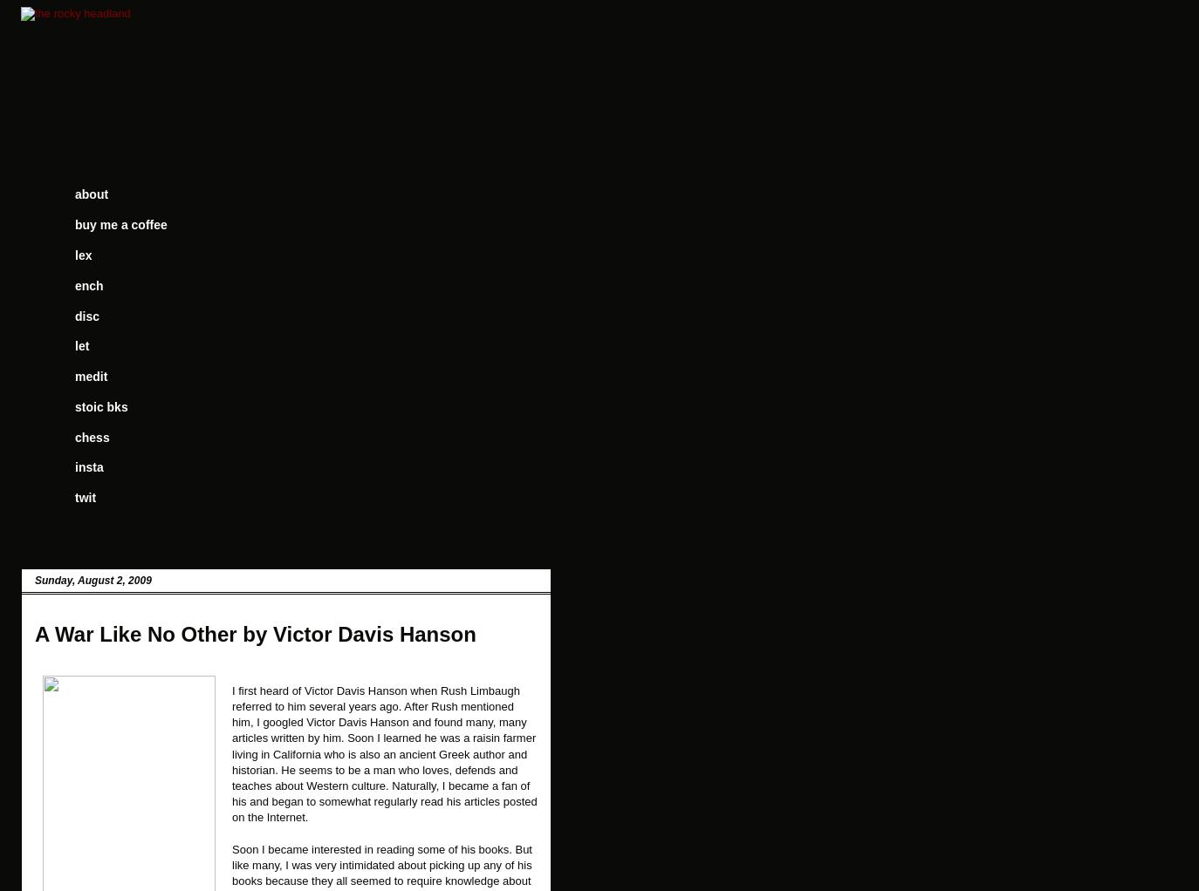 The width and height of the screenshot is (1199, 891). What do you see at coordinates (91, 436) in the screenshot?
I see `'chess'` at bounding box center [91, 436].